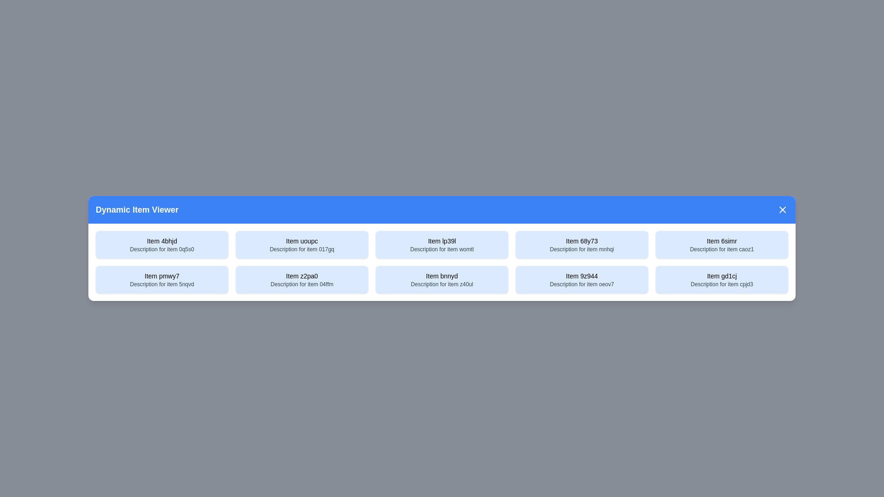  What do you see at coordinates (162, 279) in the screenshot?
I see `the item with title Item pmwy7 to select it` at bounding box center [162, 279].